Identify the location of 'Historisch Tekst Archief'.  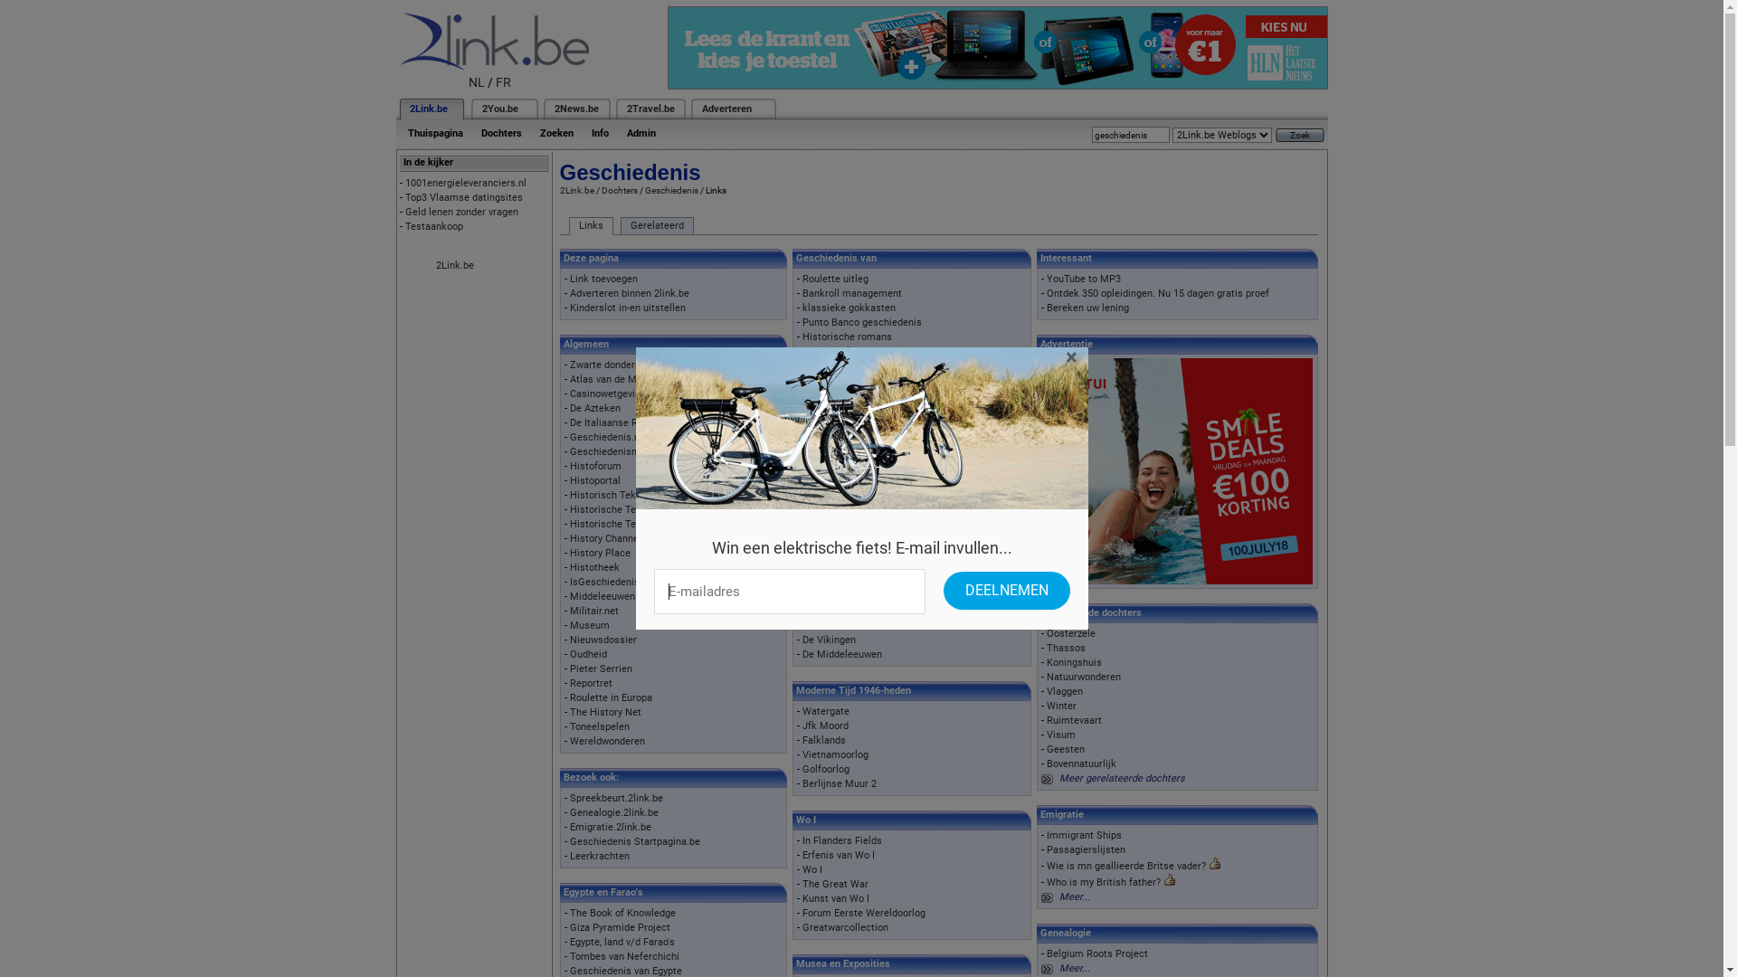
(625, 495).